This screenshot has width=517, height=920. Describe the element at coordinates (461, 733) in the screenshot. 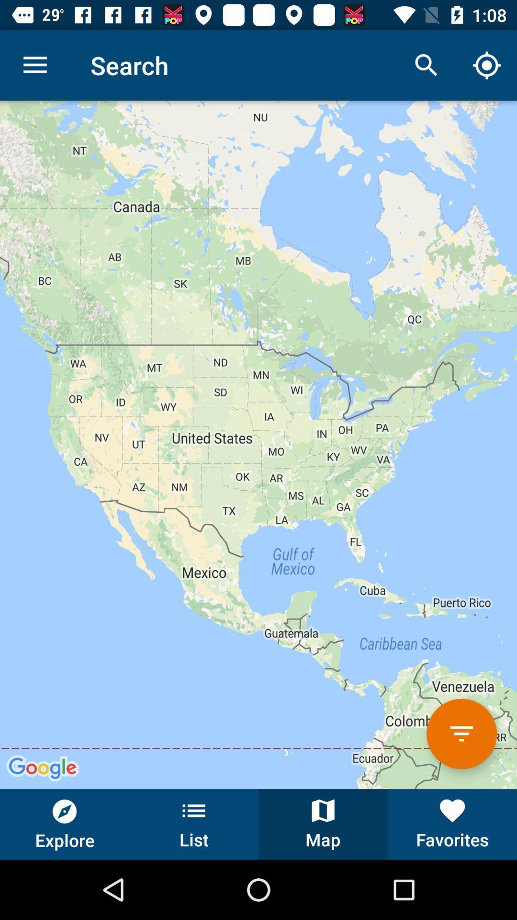

I see `filter` at that location.